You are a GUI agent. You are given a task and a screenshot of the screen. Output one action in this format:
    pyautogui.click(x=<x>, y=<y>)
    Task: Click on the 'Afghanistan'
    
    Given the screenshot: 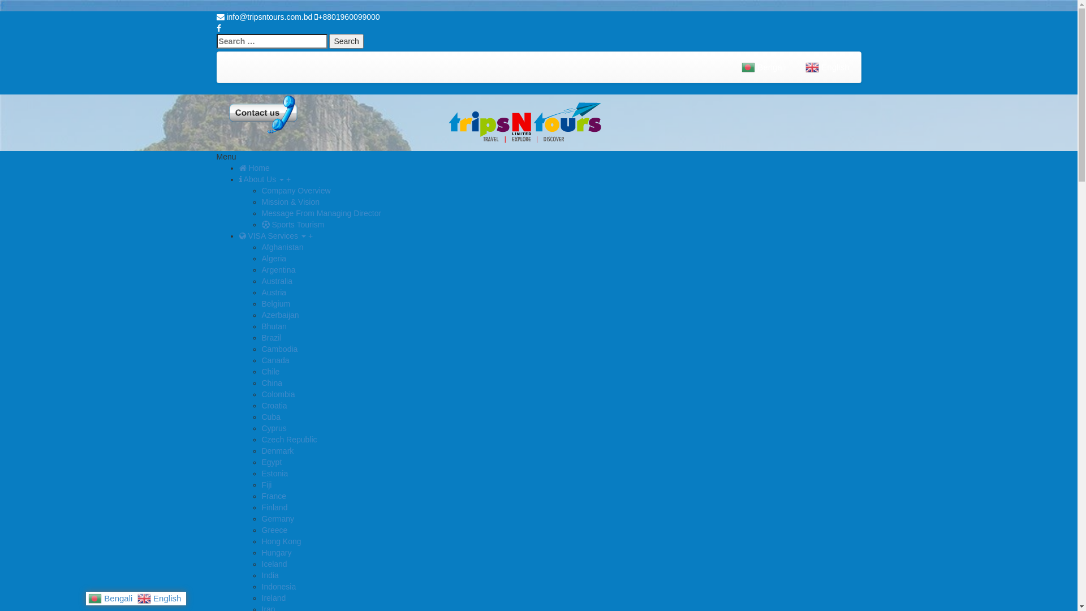 What is the action you would take?
    pyautogui.click(x=282, y=246)
    